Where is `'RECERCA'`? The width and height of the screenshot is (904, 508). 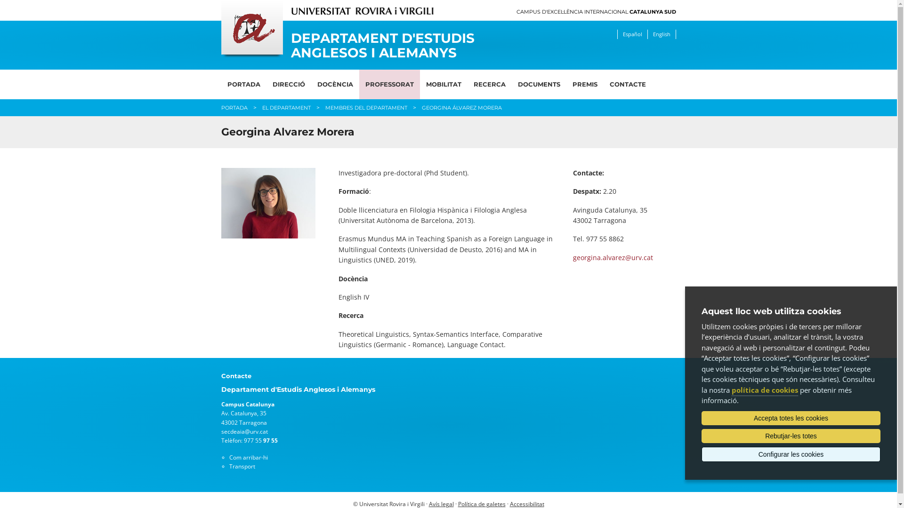
'RECERCA' is located at coordinates (489, 84).